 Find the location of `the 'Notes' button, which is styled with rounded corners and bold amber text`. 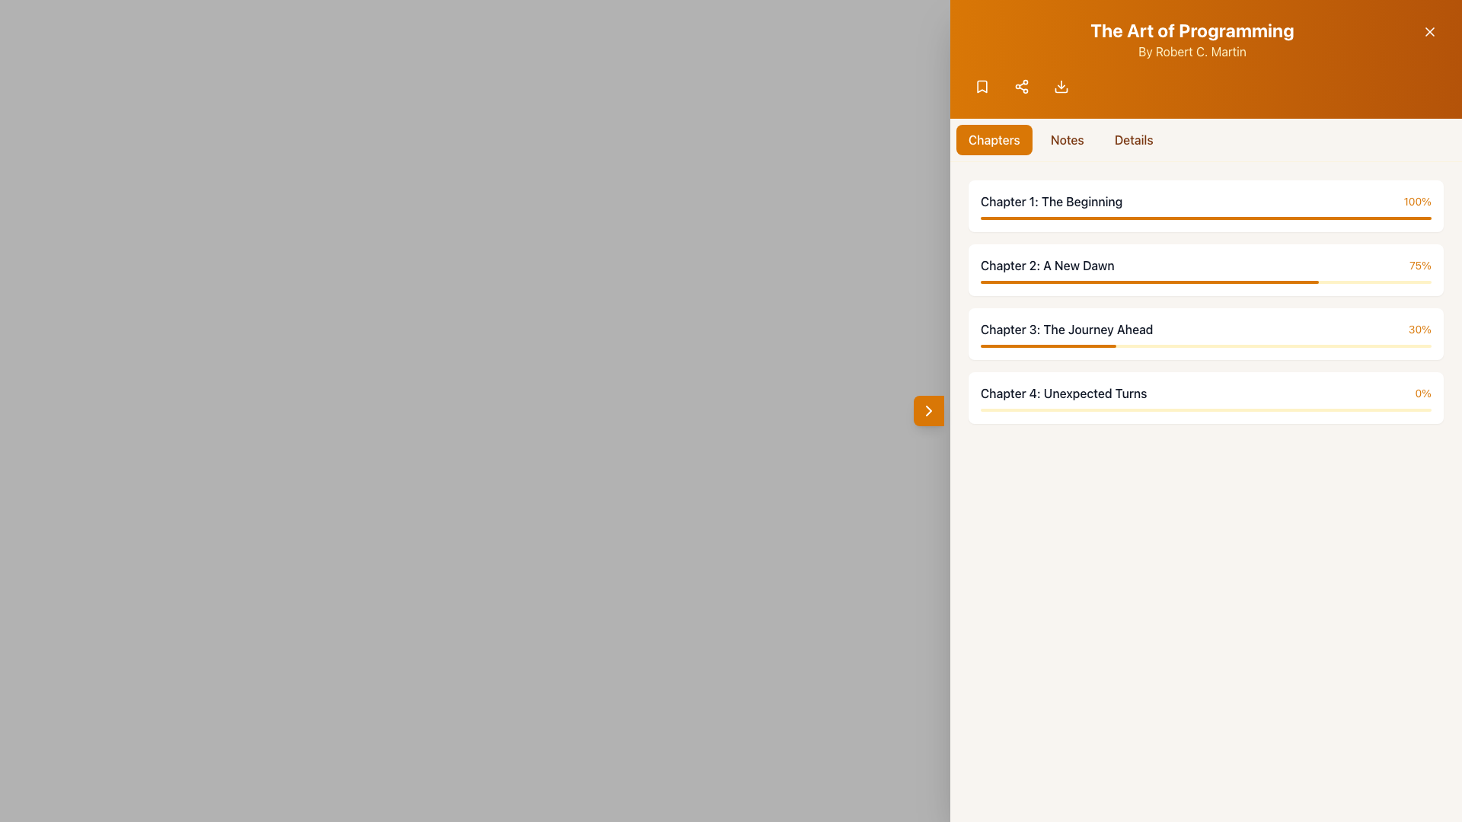

the 'Notes' button, which is styled with rounded corners and bold amber text is located at coordinates (1066, 140).